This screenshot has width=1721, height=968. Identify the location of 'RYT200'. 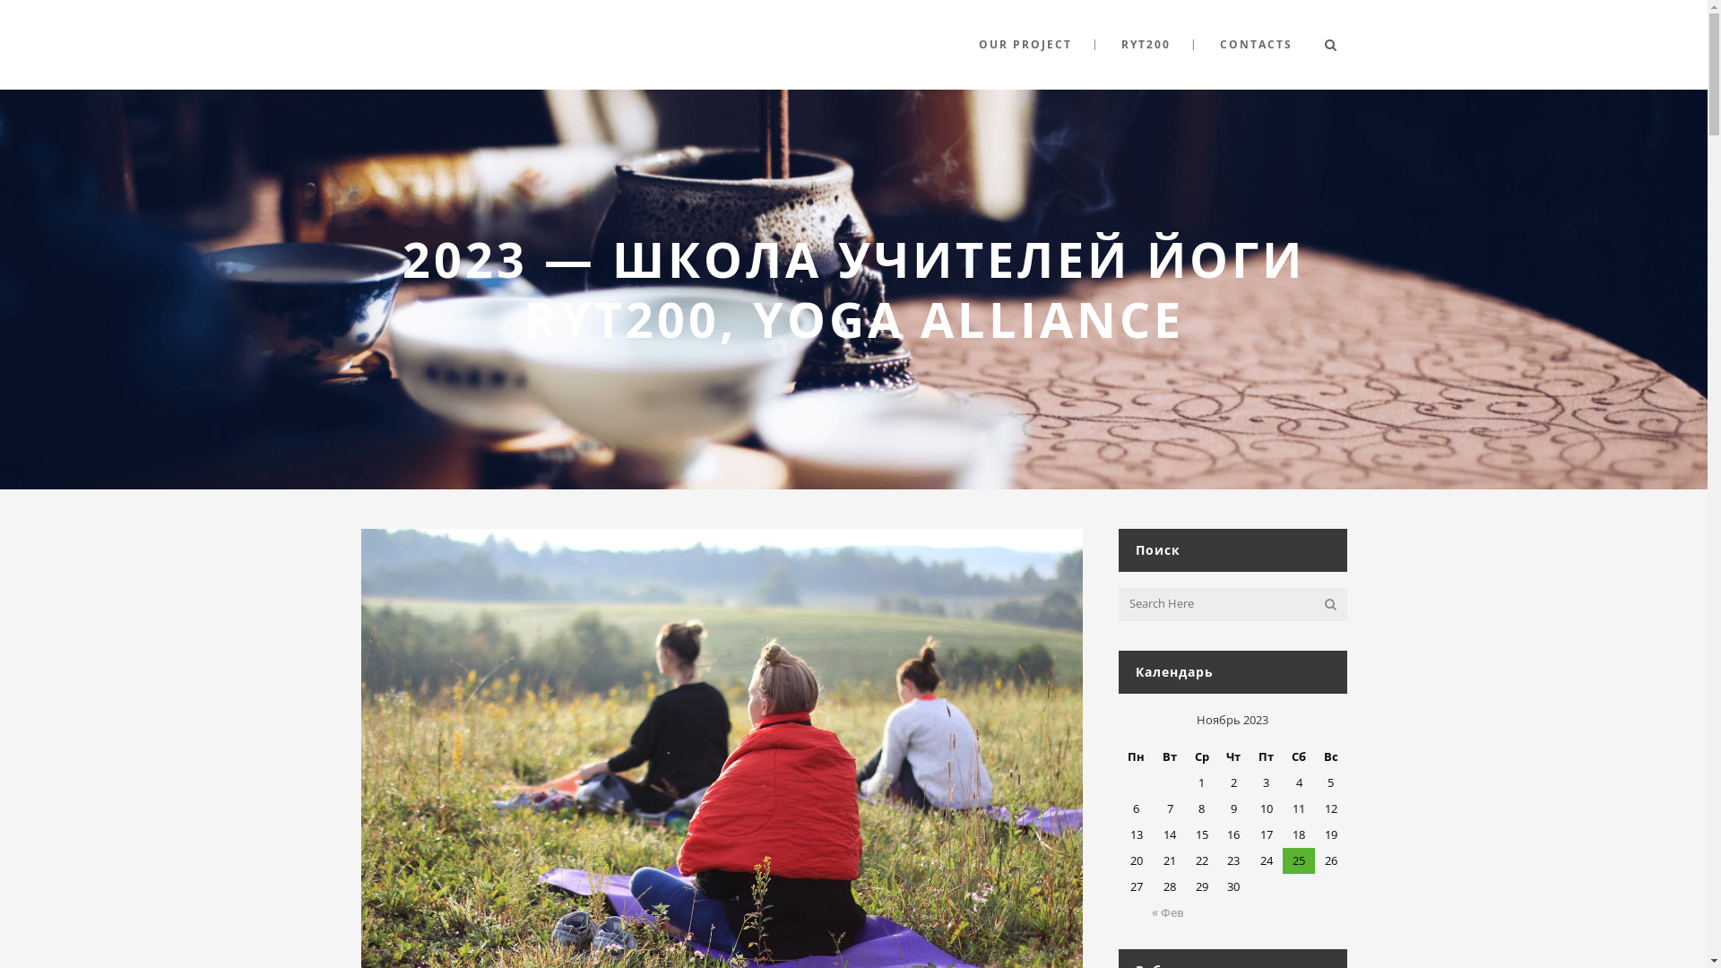
(1097, 44).